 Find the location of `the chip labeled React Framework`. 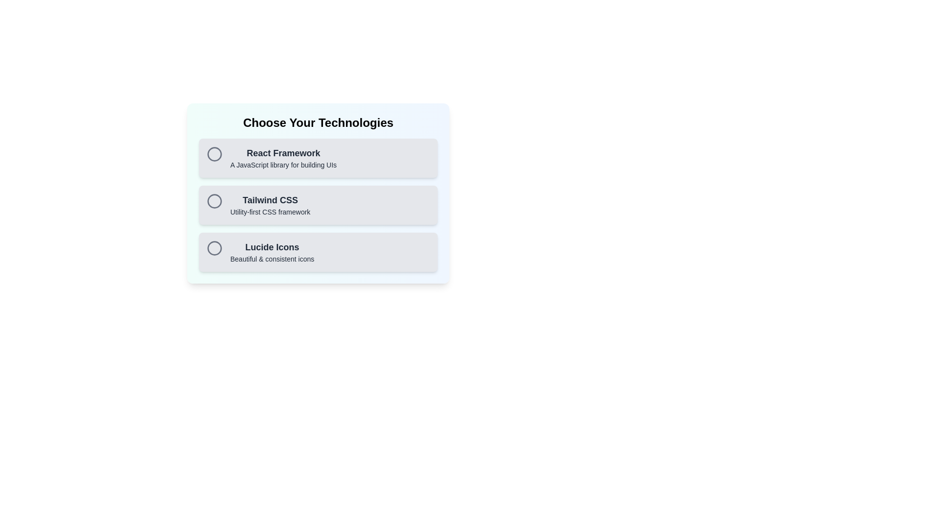

the chip labeled React Framework is located at coordinates (318, 158).